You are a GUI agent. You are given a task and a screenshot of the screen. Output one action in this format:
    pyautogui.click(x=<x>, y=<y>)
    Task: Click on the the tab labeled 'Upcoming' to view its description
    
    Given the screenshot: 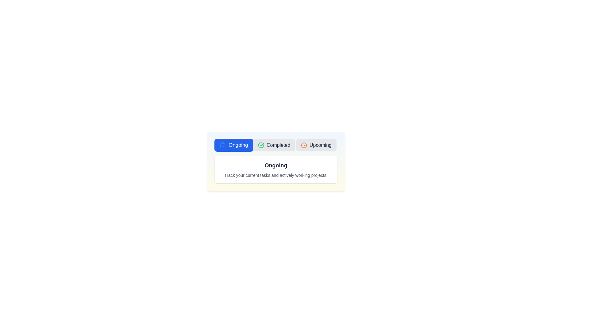 What is the action you would take?
    pyautogui.click(x=316, y=145)
    